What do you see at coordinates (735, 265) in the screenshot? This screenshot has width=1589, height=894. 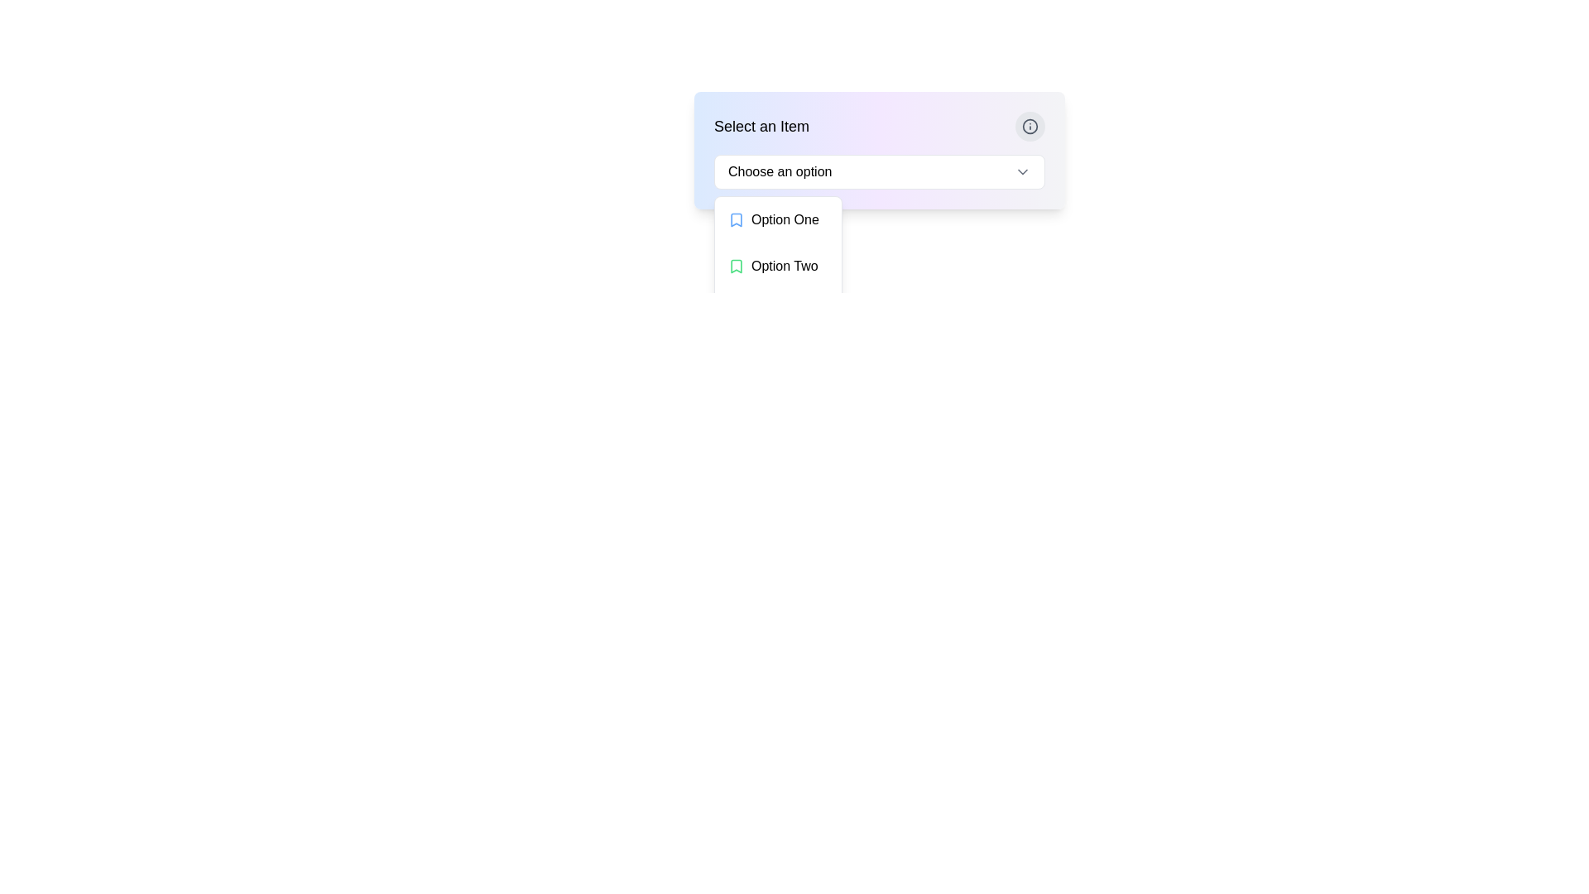 I see `the SVG icon representing the bookmark status for 'Option Two' in the dropdown menu` at bounding box center [735, 265].